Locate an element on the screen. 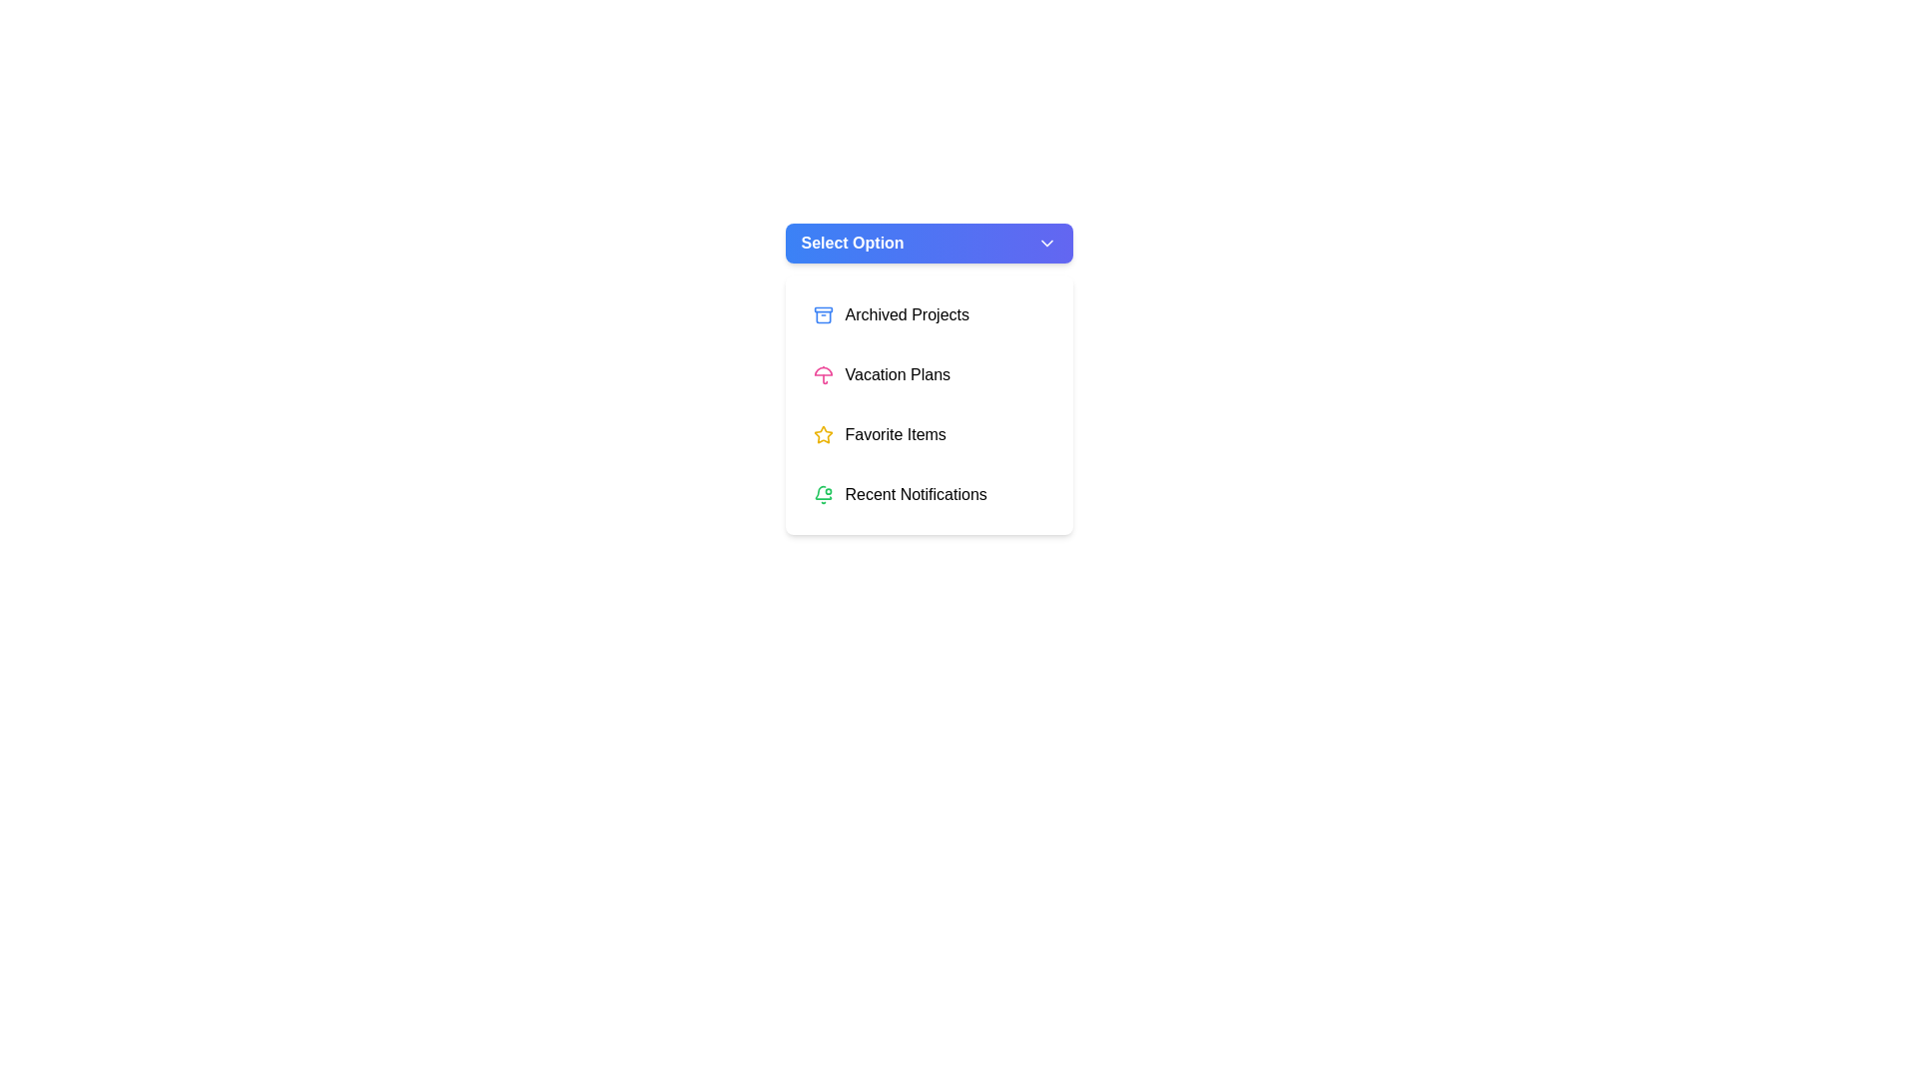 Image resolution: width=1917 pixels, height=1078 pixels. the menu item Archived Projects is located at coordinates (928, 314).